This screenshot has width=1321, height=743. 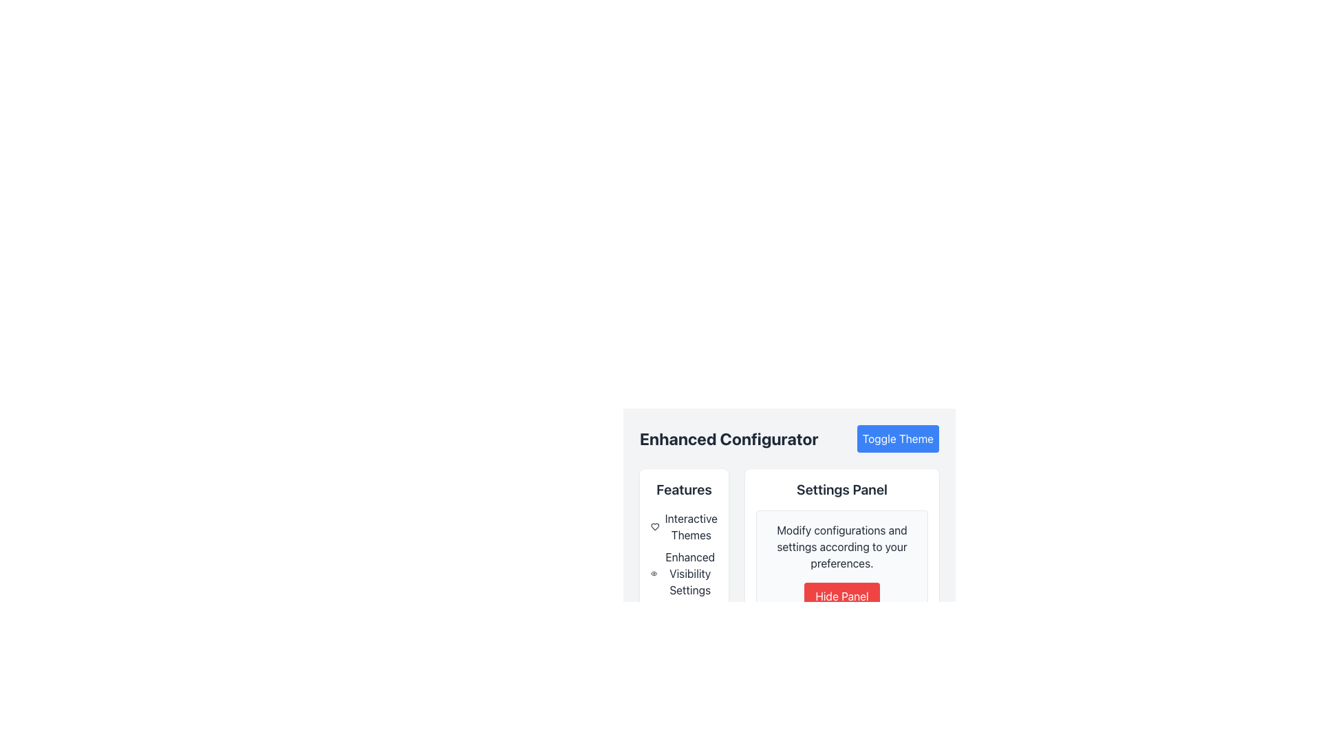 I want to click on the label that identifies a configuration option related to visibility settings, which is the second item in the list under the 'Features' header, so click(x=684, y=573).